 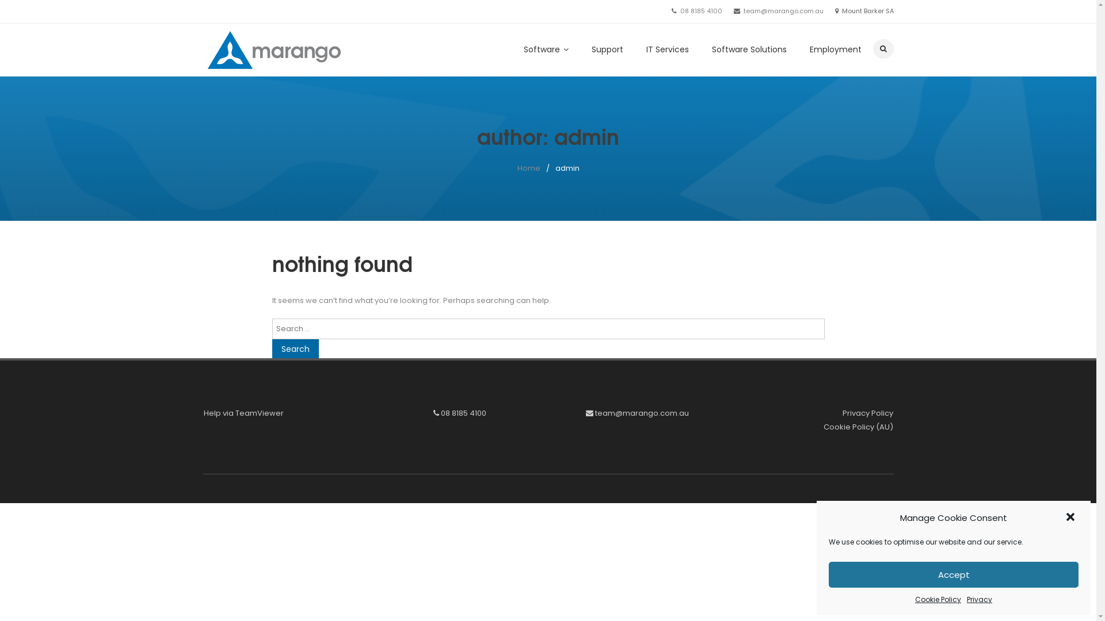 What do you see at coordinates (979, 599) in the screenshot?
I see `'Privacy'` at bounding box center [979, 599].